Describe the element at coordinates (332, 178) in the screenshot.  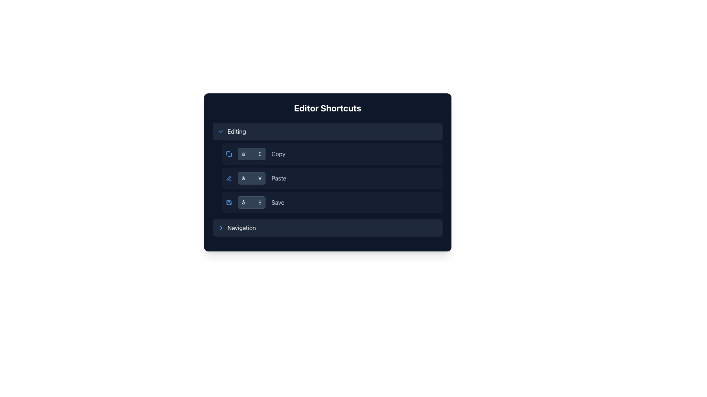
I see `the 'Paste' button in the 'Editor Shortcuts' section, which has a dark background and rounded corners, positioned between 'Copy' and 'Save'` at that location.